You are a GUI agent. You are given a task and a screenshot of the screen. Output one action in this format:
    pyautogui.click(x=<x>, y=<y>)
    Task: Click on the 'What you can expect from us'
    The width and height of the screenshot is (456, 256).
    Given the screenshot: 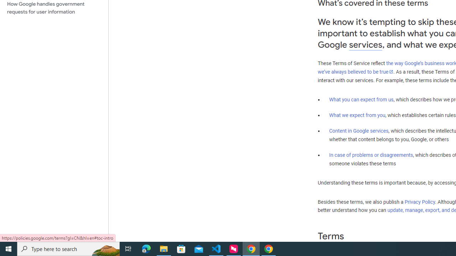 What is the action you would take?
    pyautogui.click(x=361, y=99)
    